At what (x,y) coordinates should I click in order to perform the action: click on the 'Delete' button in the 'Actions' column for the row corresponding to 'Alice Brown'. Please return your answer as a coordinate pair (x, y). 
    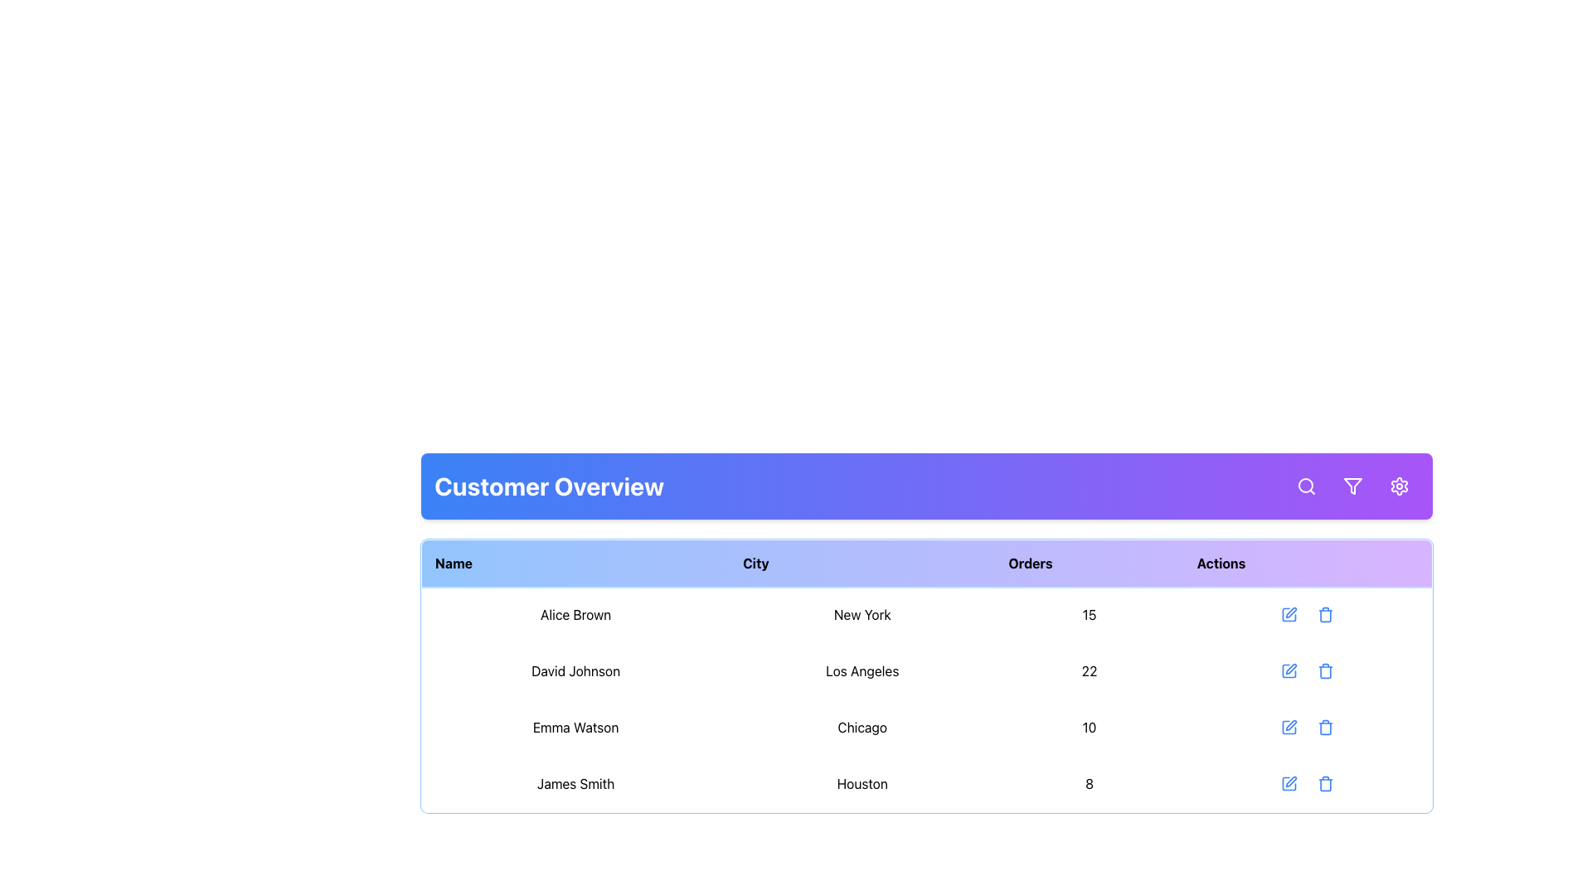
    Looking at the image, I should click on (1325, 614).